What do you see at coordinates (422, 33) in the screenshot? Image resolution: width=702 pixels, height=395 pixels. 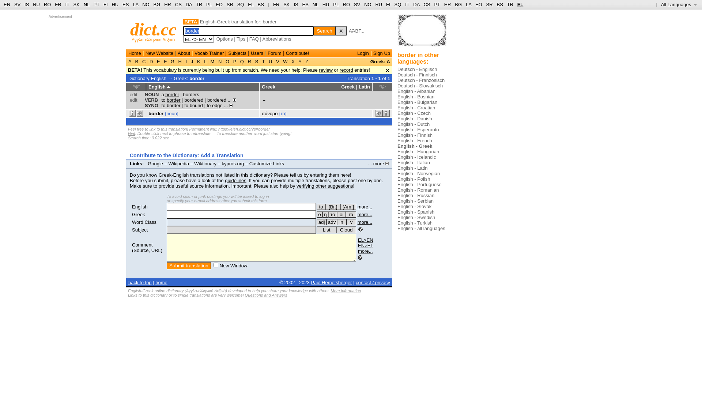 I see `'vector damask flourish border'` at bounding box center [422, 33].